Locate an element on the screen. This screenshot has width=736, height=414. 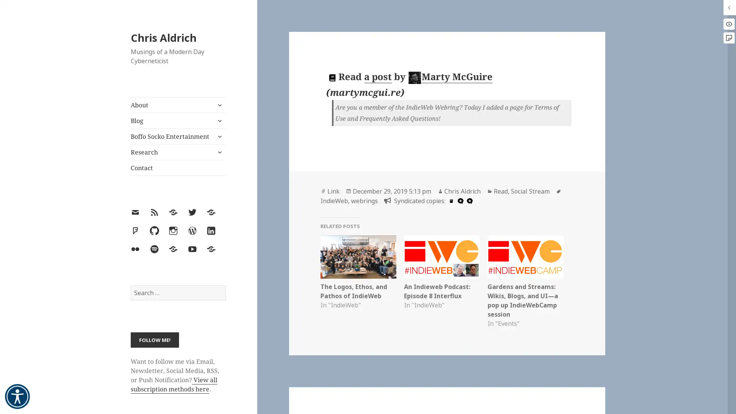
Accessibility Menu is located at coordinates (17, 396).